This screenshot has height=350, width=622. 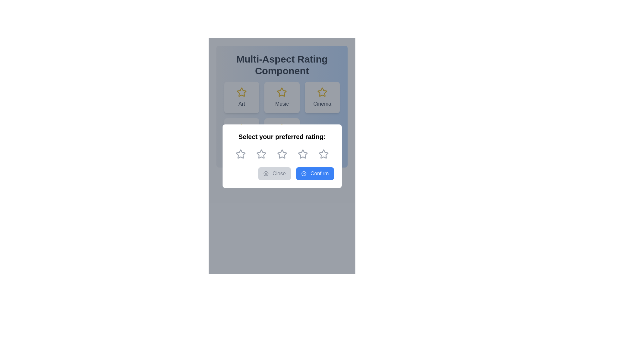 What do you see at coordinates (241, 97) in the screenshot?
I see `the 'Art' category card located in the top left section of the selectable categories grid` at bounding box center [241, 97].